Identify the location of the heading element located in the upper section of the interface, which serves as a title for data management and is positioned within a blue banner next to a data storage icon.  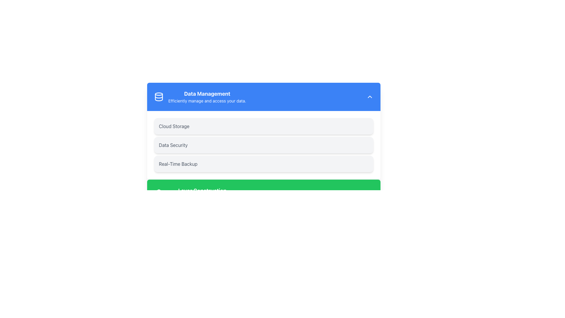
(207, 94).